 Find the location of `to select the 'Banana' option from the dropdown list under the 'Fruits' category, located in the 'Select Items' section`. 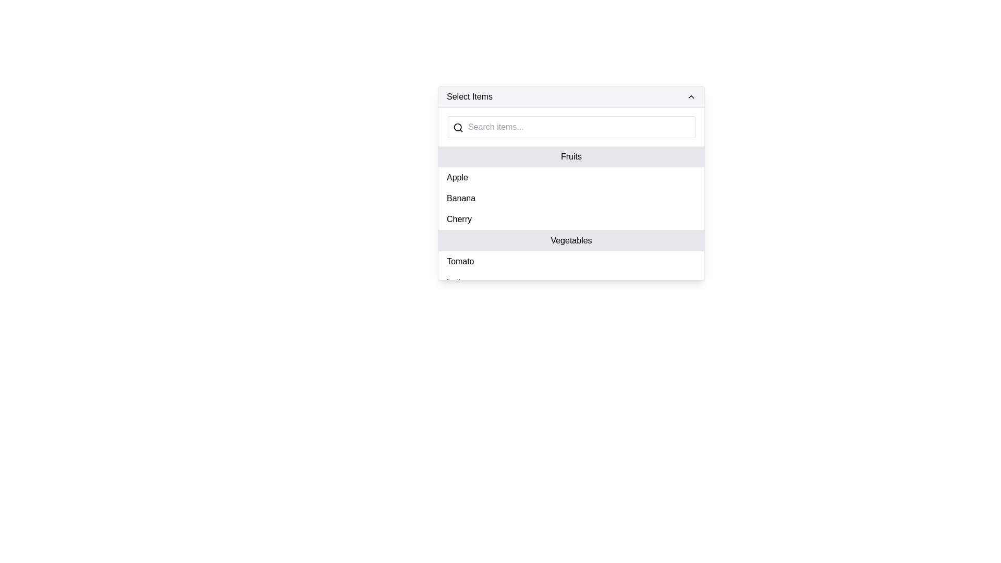

to select the 'Banana' option from the dropdown list under the 'Fruits' category, located in the 'Select Items' section is located at coordinates (570, 193).